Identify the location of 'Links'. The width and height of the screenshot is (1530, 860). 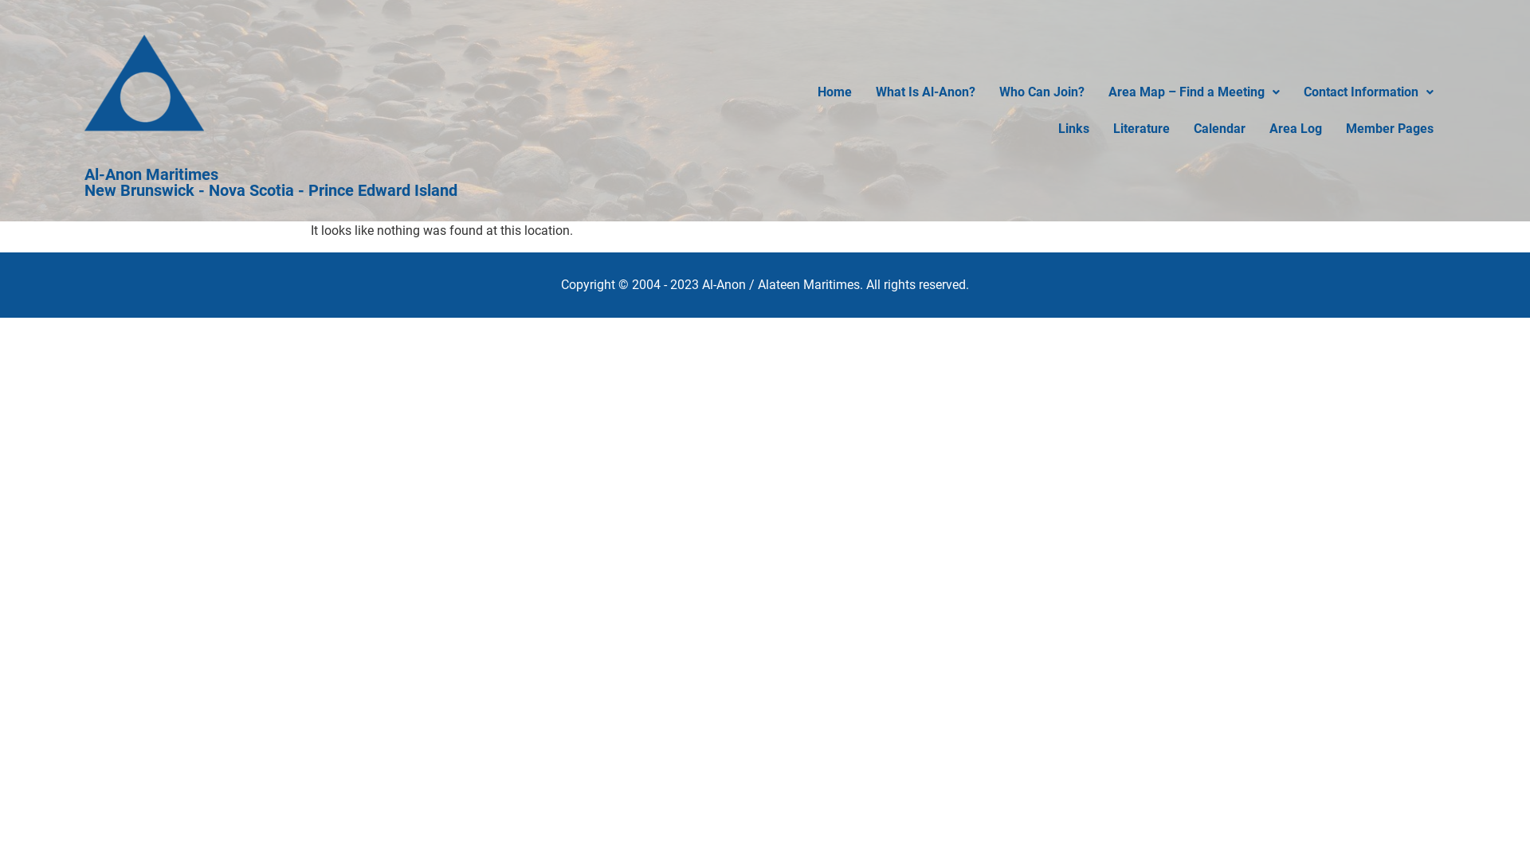
(1073, 128).